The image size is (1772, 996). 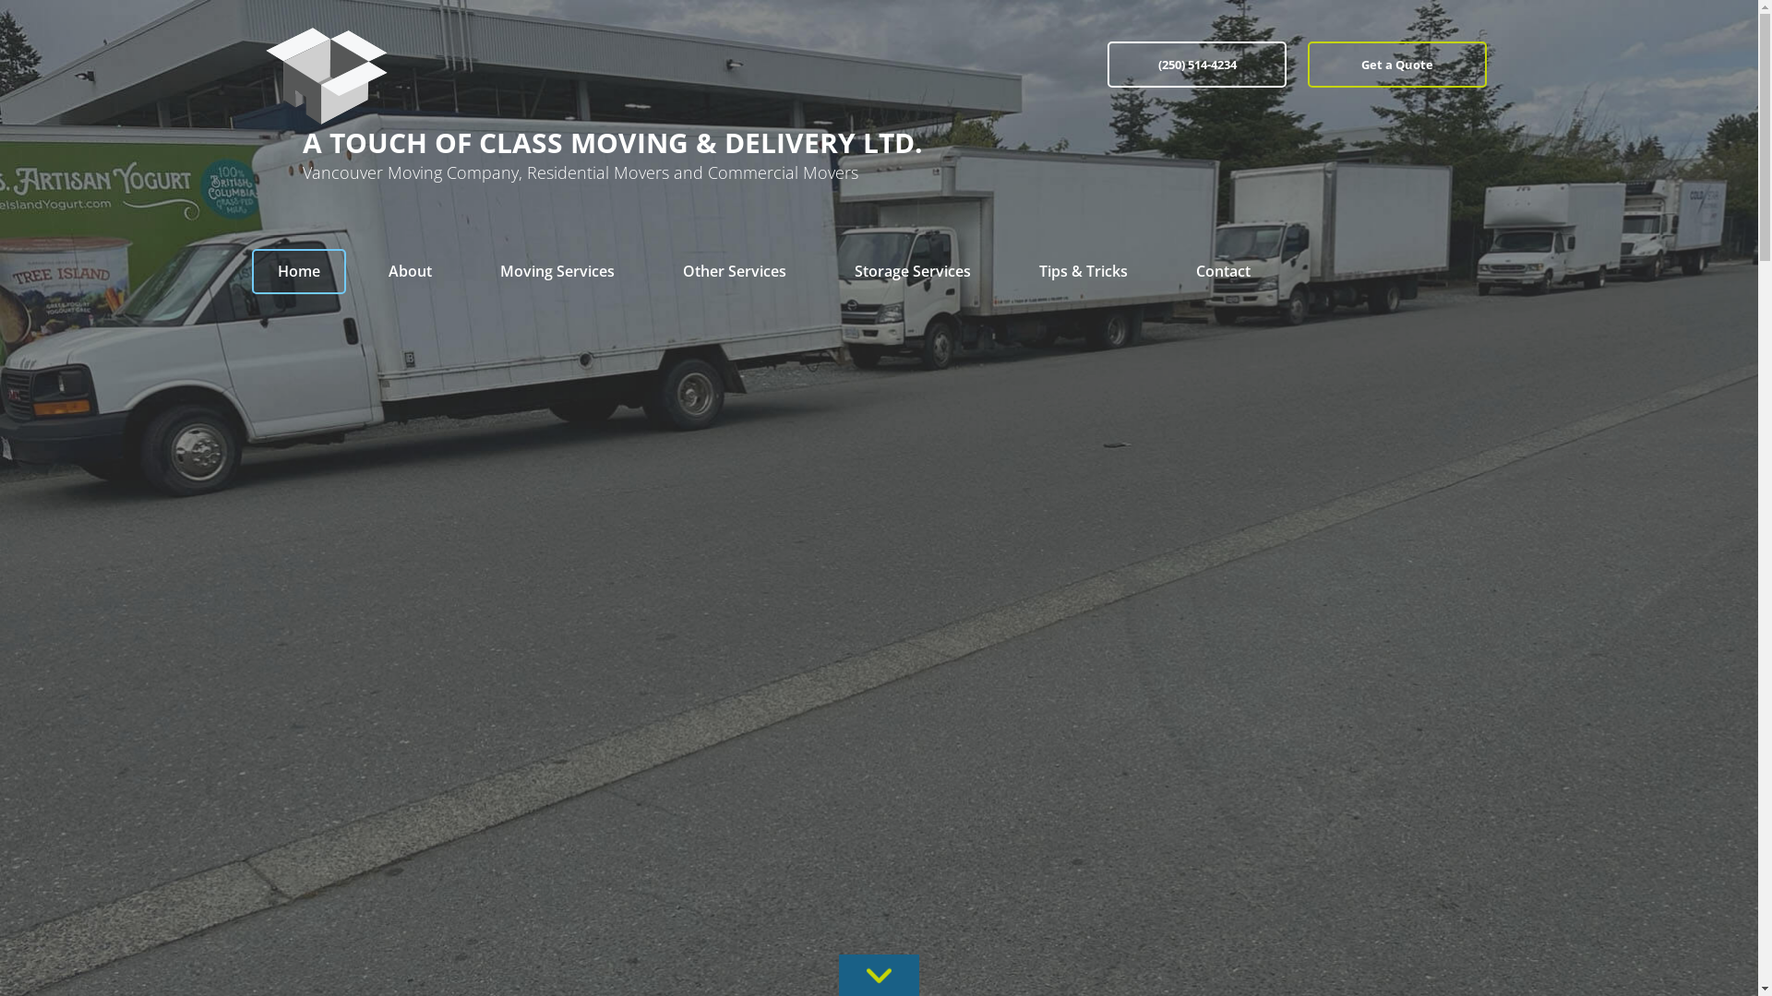 I want to click on 'Other Services', so click(x=734, y=271).